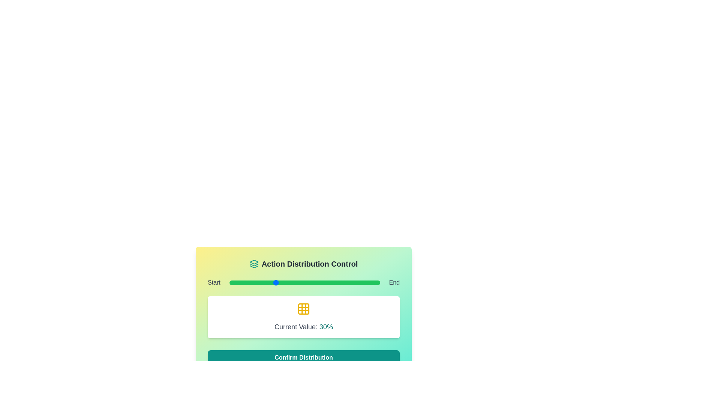 This screenshot has width=720, height=405. What do you see at coordinates (312, 282) in the screenshot?
I see `the slider to set its value to 55%` at bounding box center [312, 282].